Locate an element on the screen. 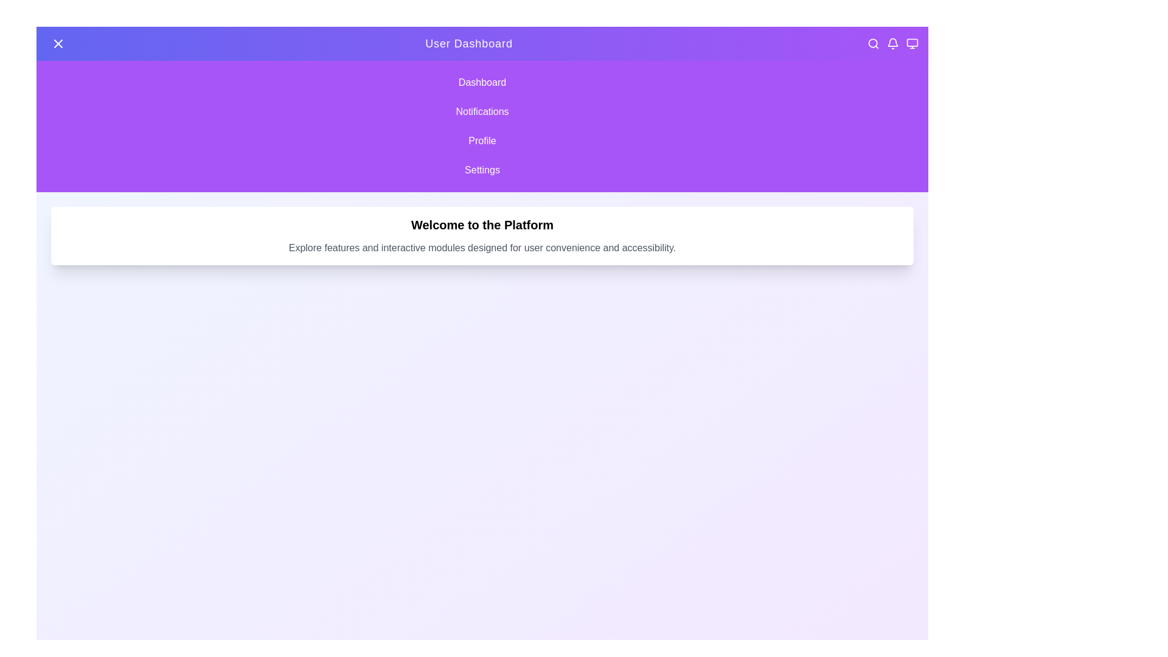 The height and width of the screenshot is (657, 1168). the menu item Profile to navigate to the respective section is located at coordinates (481, 140).